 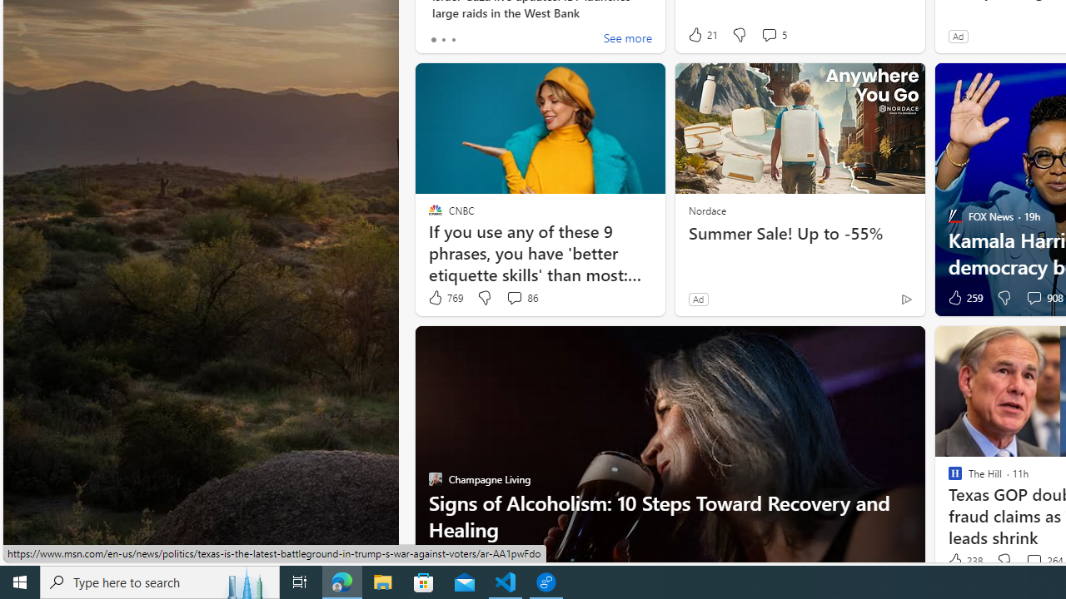 What do you see at coordinates (1033, 560) in the screenshot?
I see `'View comments 264 Comment'` at bounding box center [1033, 560].